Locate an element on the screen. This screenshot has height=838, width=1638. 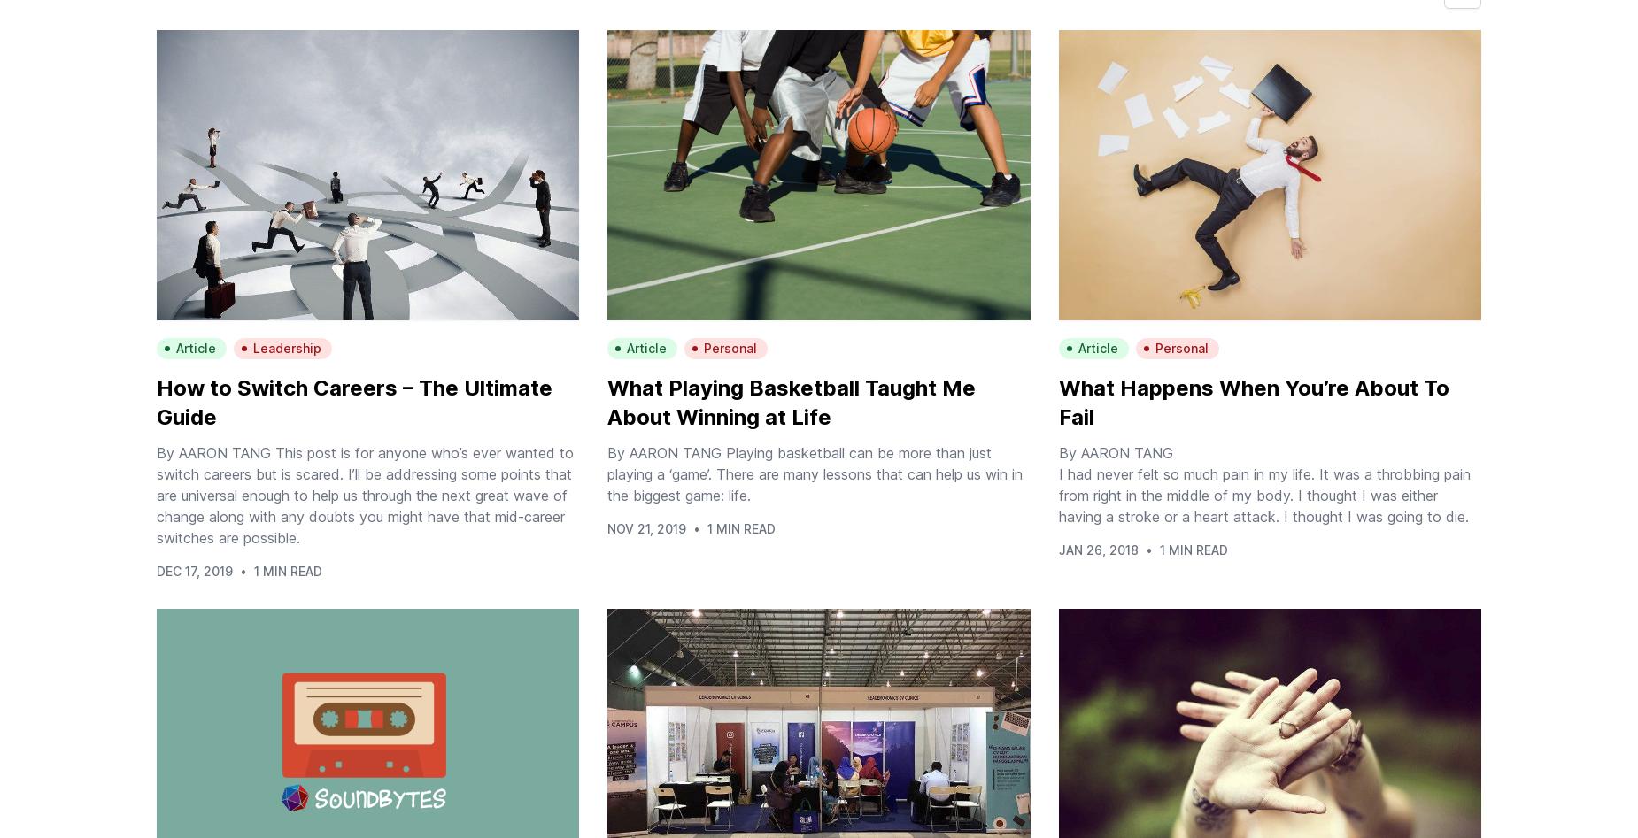
'What Playing Basketball Taught Me About Winning at Life' is located at coordinates (791, 403).